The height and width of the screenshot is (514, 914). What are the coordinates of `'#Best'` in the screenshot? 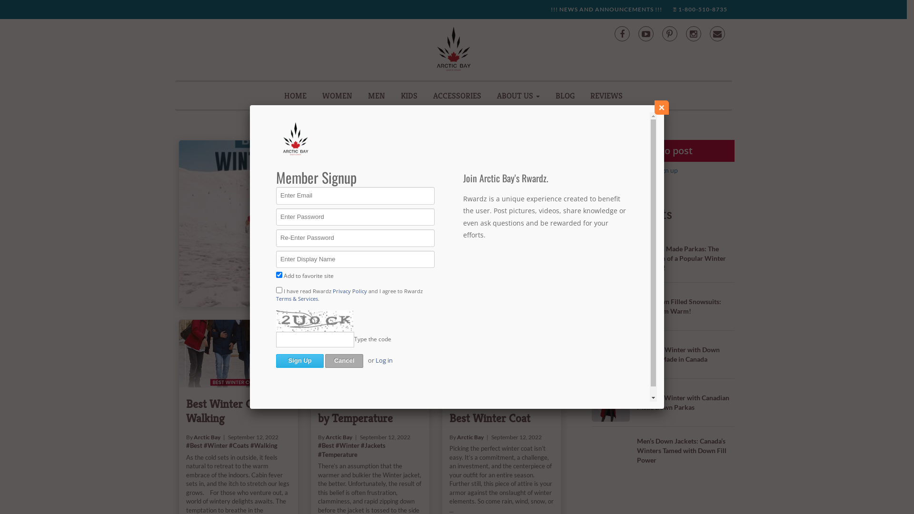 It's located at (404, 184).